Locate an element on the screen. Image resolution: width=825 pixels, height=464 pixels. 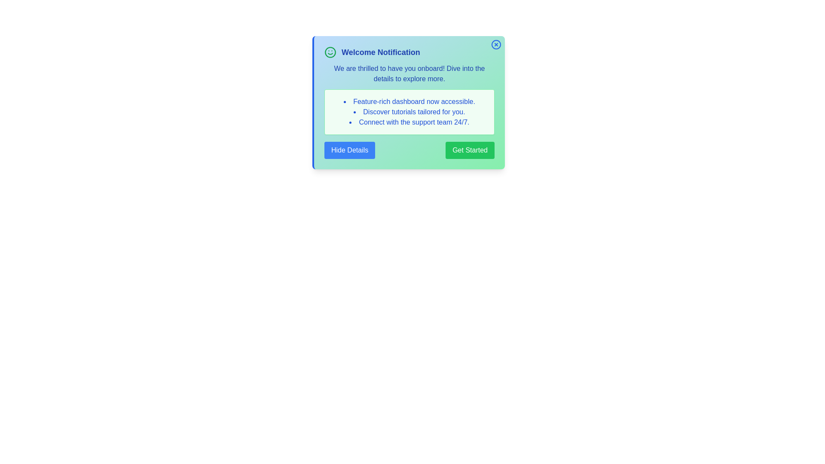
the close button (X) to dismiss the notification is located at coordinates (496, 45).